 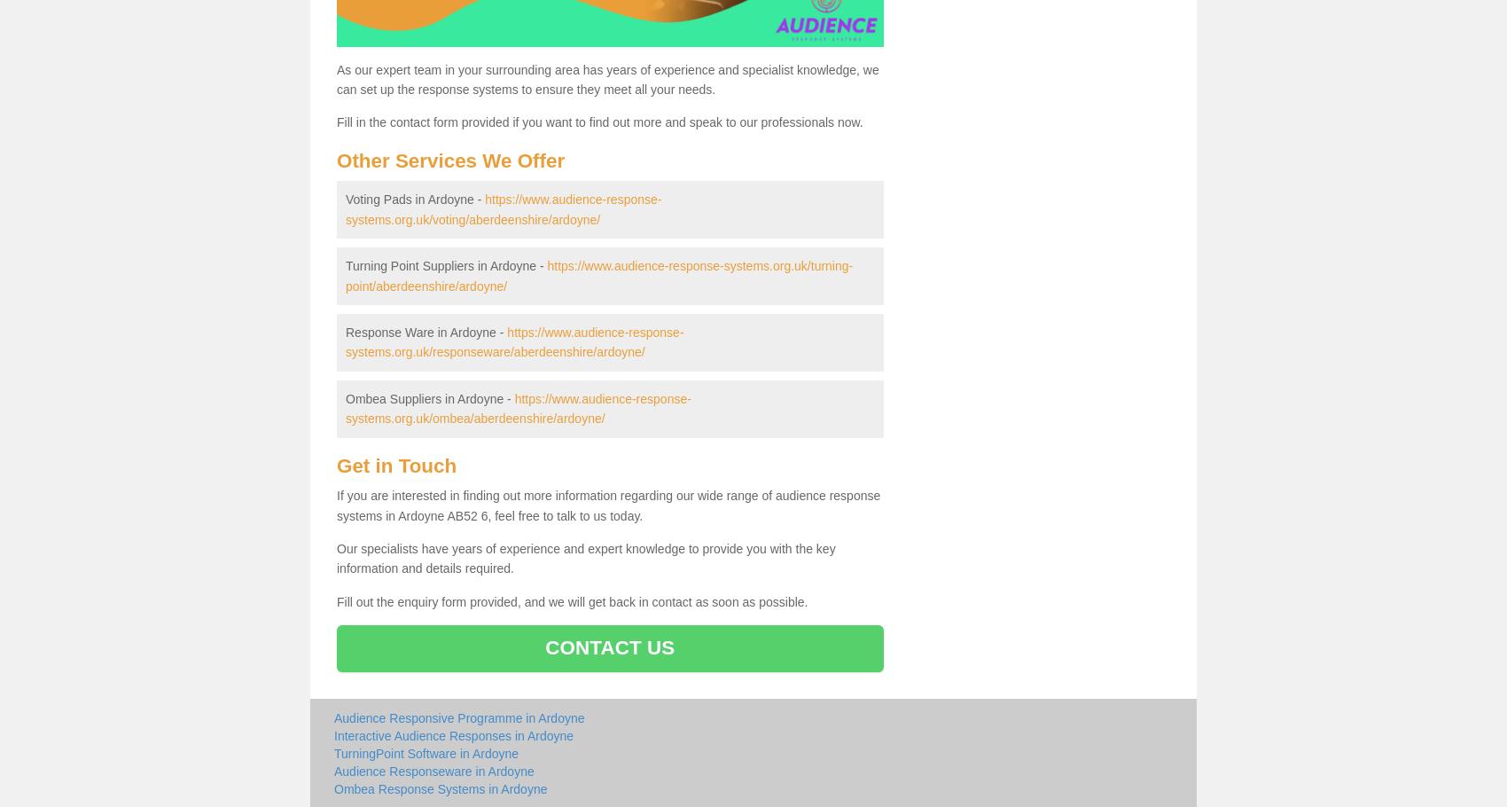 I want to click on 'CONTACT US', so click(x=609, y=646).